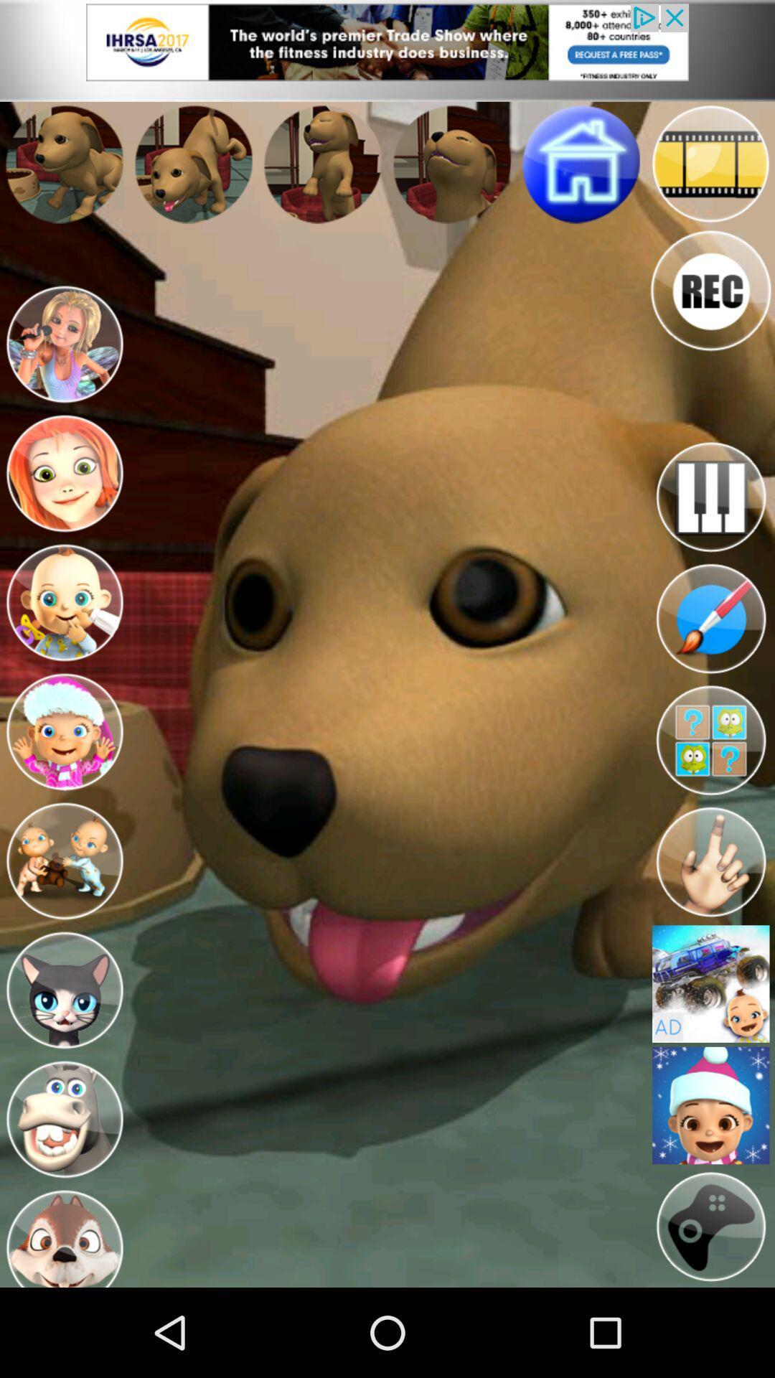  I want to click on the avatar icon, so click(63, 368).